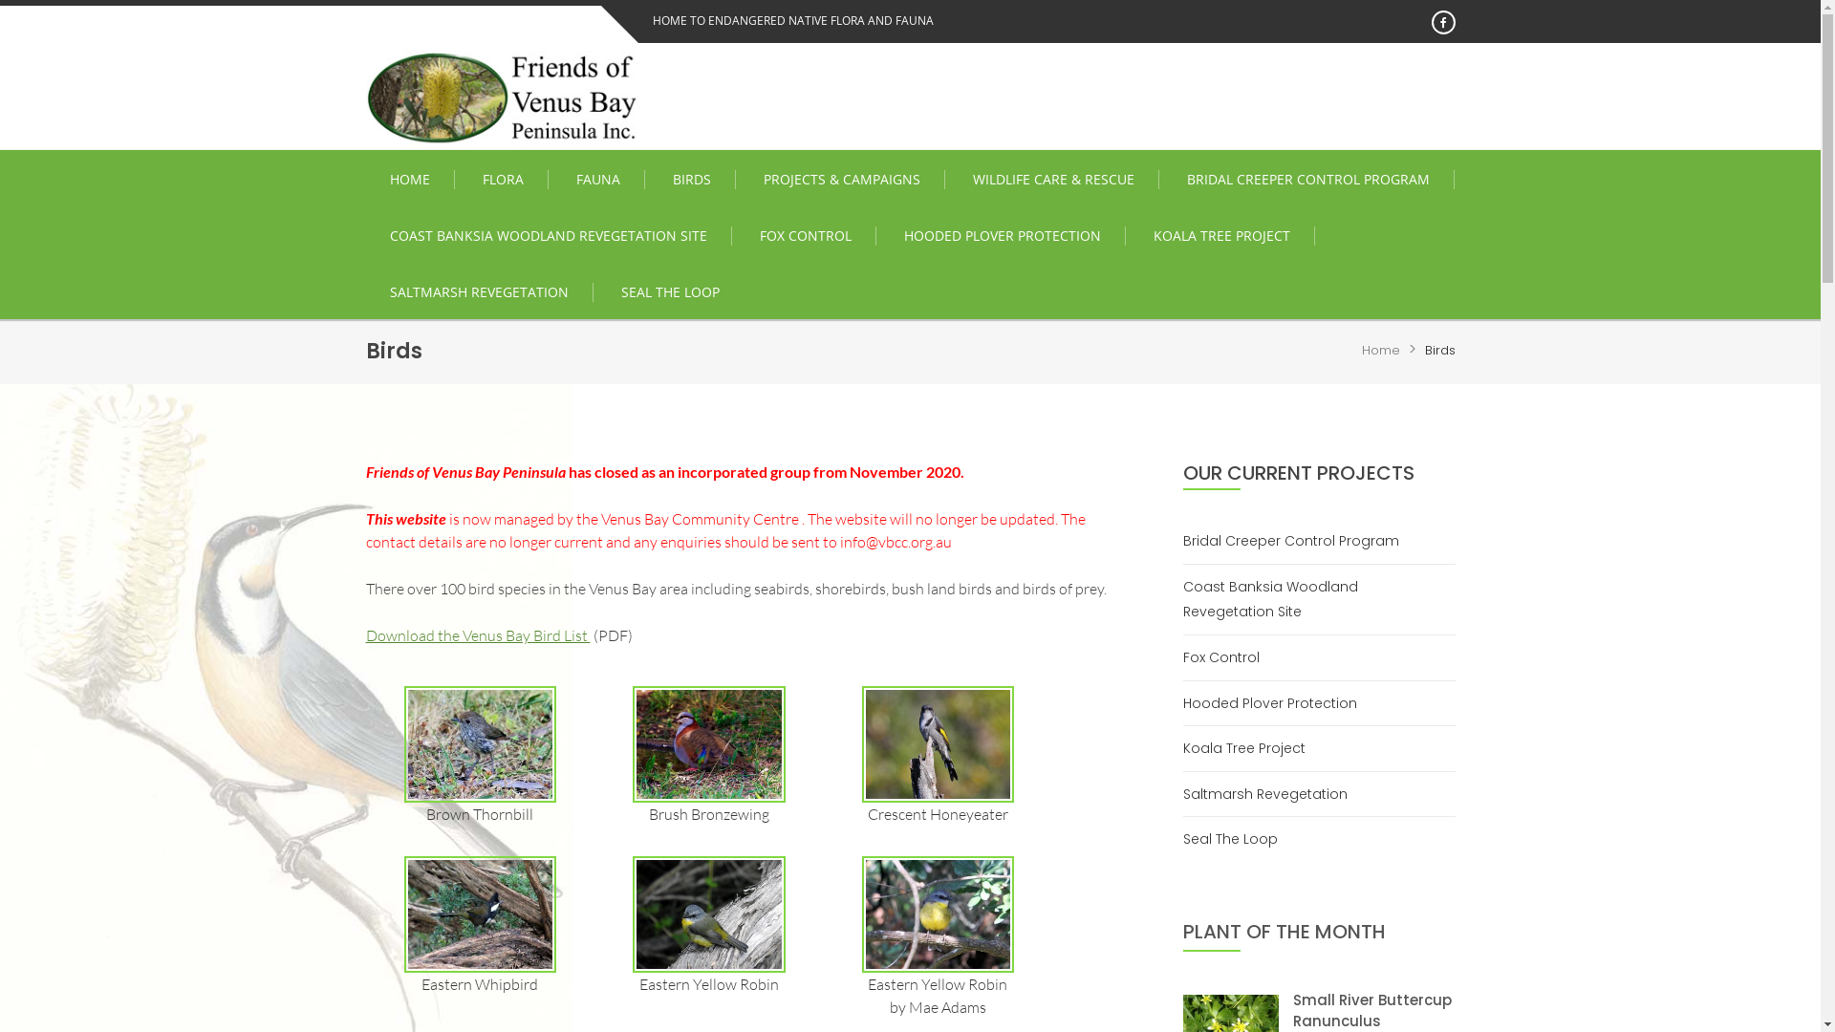 This screenshot has height=1032, width=1835. What do you see at coordinates (365, 180) in the screenshot?
I see `'HOME'` at bounding box center [365, 180].